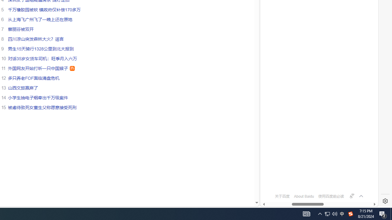 This screenshot has height=220, width=392. I want to click on 'Settings', so click(385, 201).